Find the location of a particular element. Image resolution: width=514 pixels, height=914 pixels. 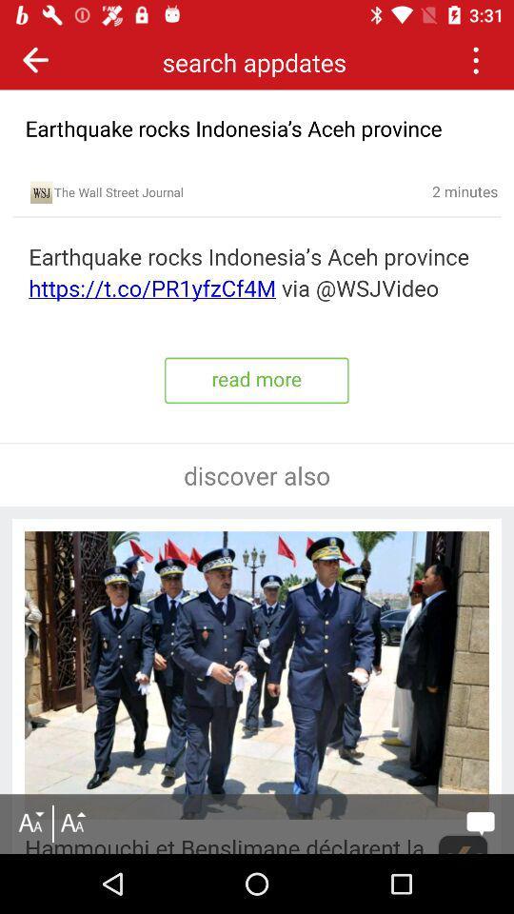

message option is located at coordinates (480, 823).